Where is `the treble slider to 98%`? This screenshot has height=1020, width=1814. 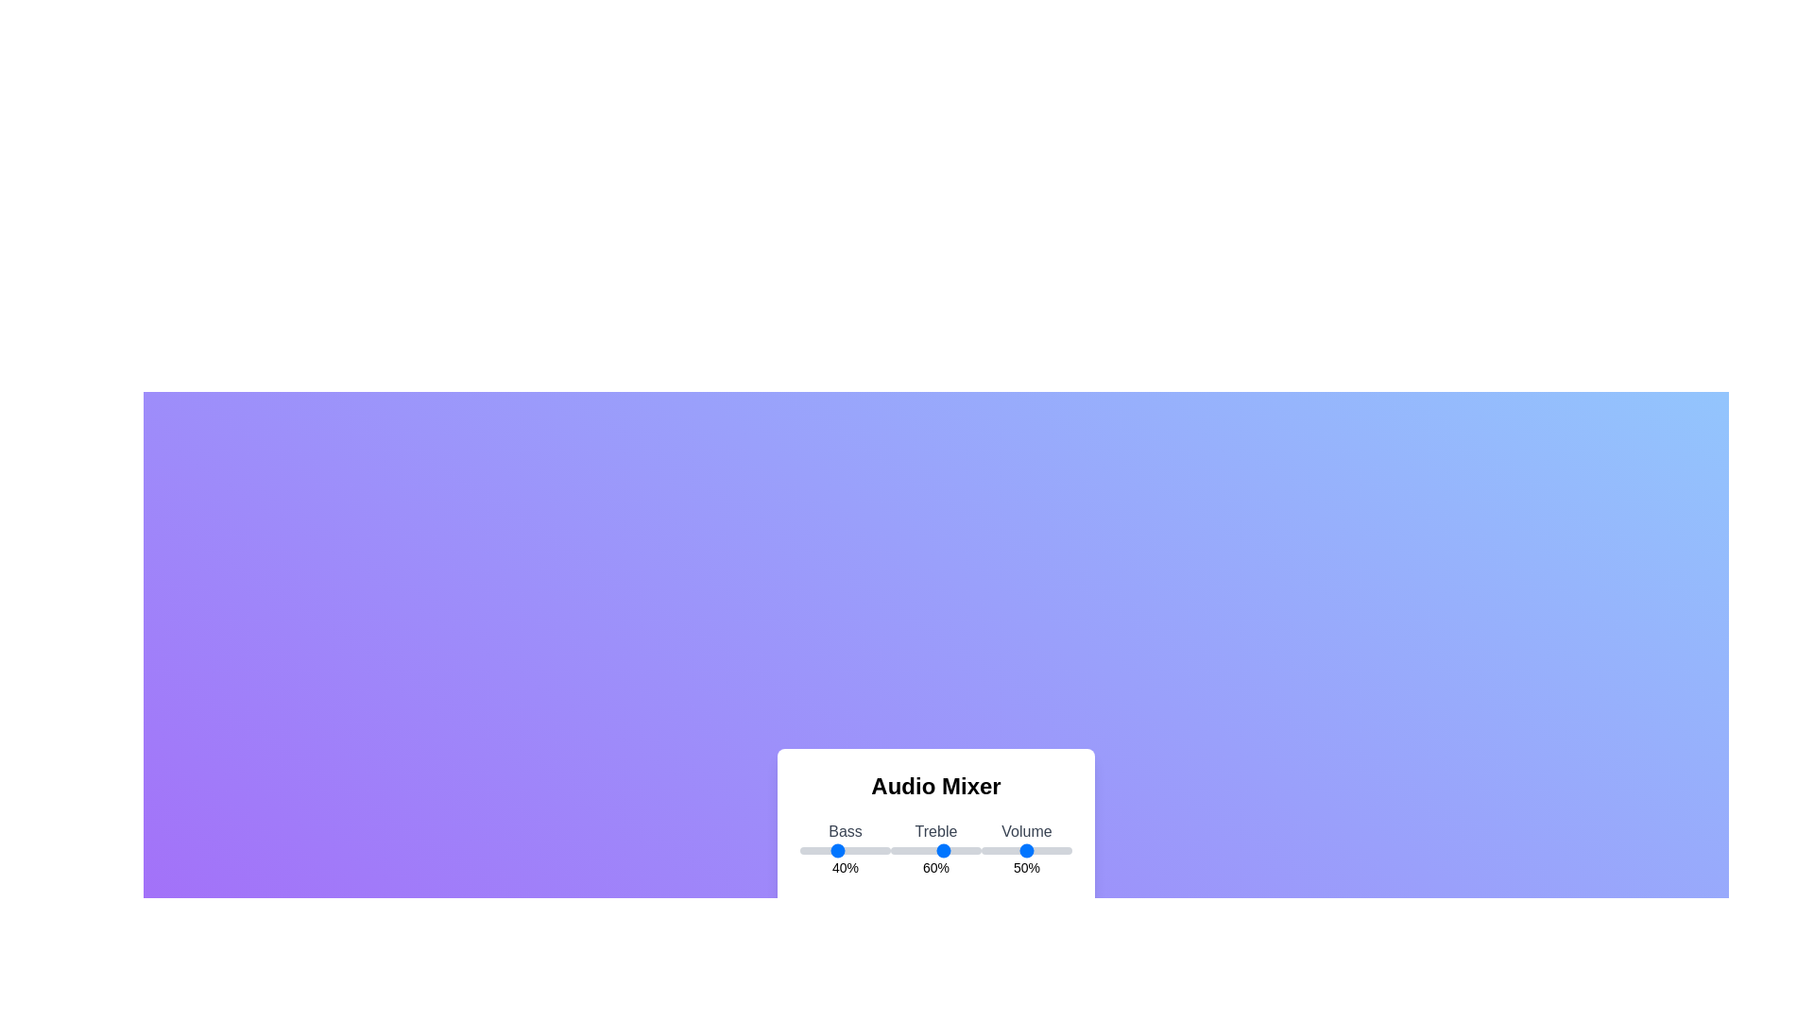 the treble slider to 98% is located at coordinates (979, 851).